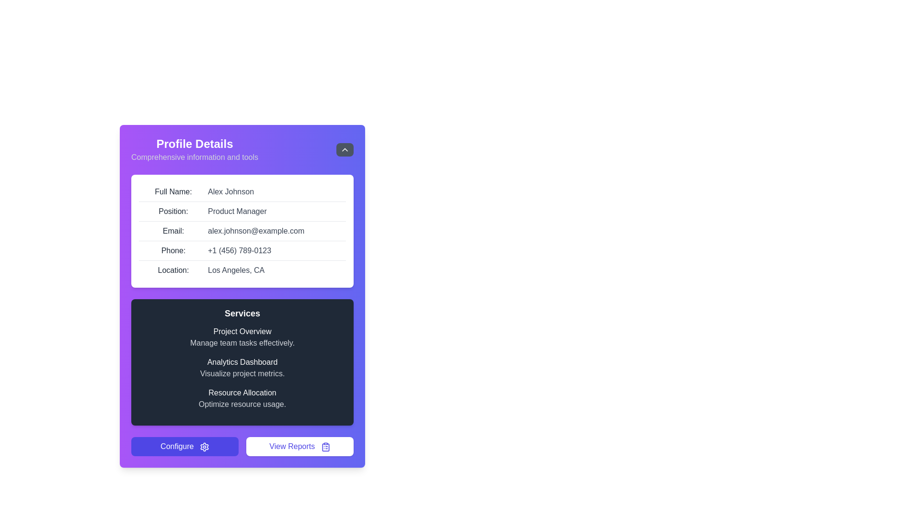  What do you see at coordinates (204, 447) in the screenshot?
I see `the gear-shaped settings icon within the 'Configure' button located at the bottom left corner of the main panel` at bounding box center [204, 447].